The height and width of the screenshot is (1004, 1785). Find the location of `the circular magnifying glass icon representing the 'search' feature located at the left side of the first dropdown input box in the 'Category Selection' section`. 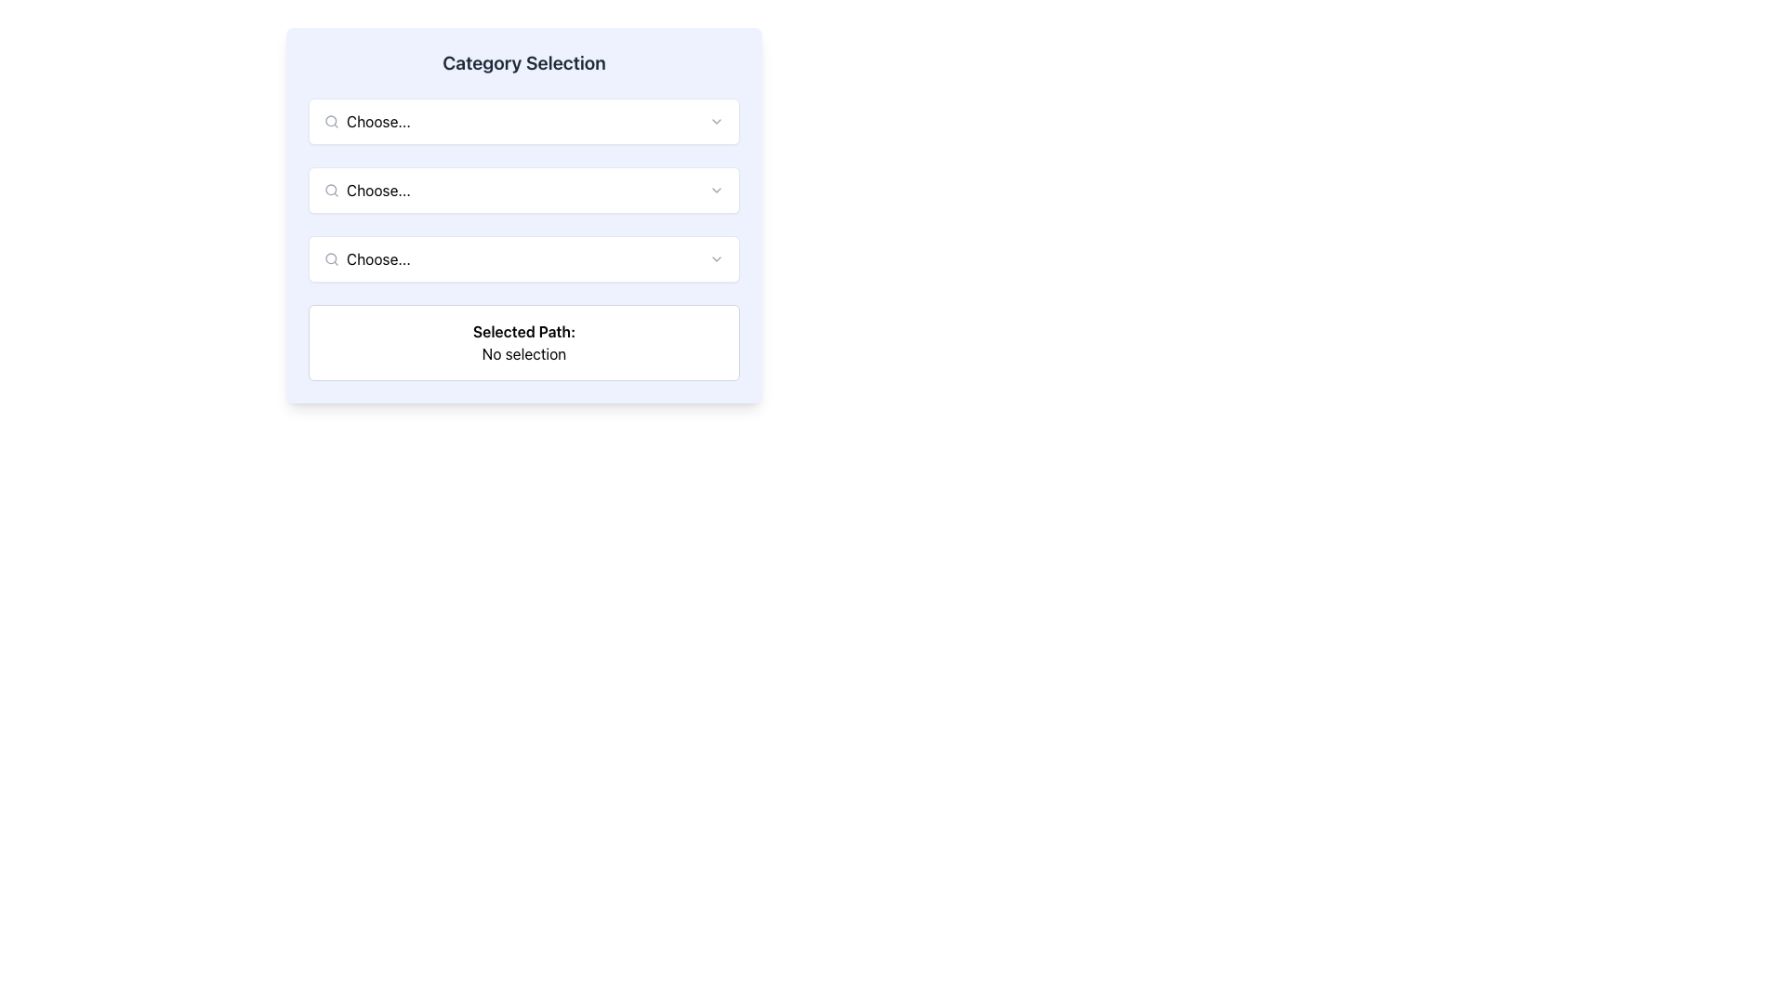

the circular magnifying glass icon representing the 'search' feature located at the left side of the first dropdown input box in the 'Category Selection' section is located at coordinates (331, 122).